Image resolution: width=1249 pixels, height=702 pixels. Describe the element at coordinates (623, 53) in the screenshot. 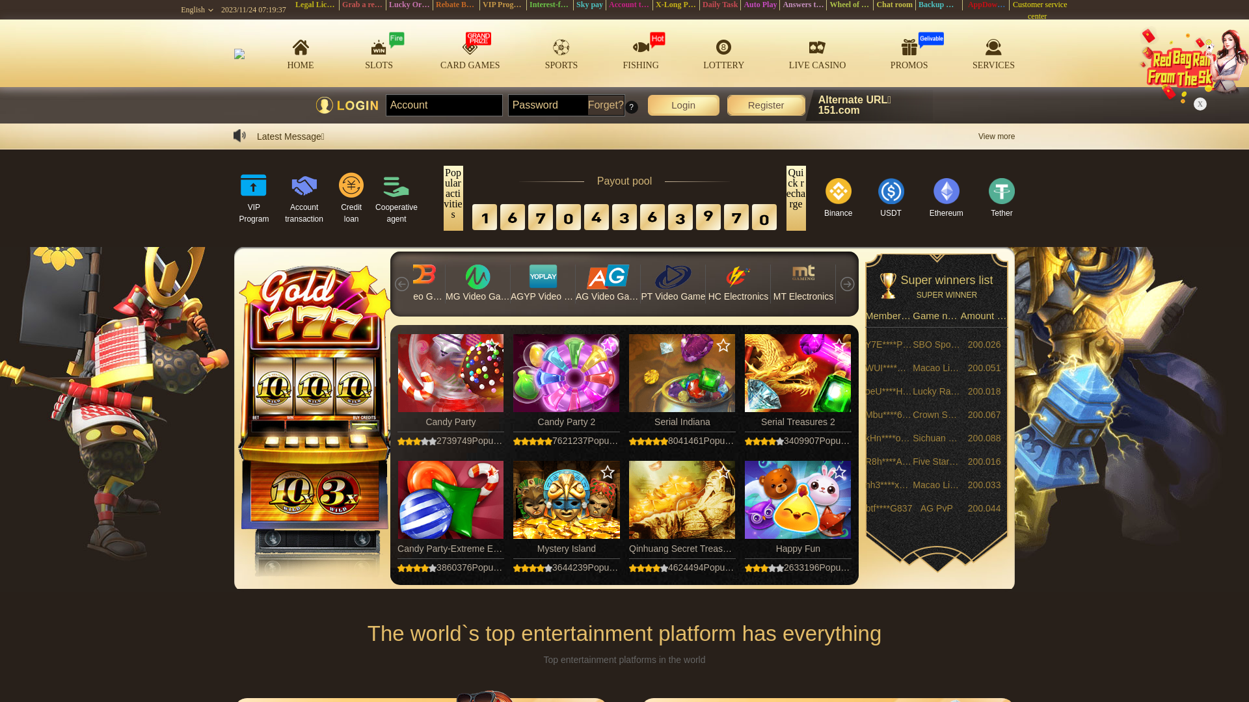

I see `'FISHING'` at that location.